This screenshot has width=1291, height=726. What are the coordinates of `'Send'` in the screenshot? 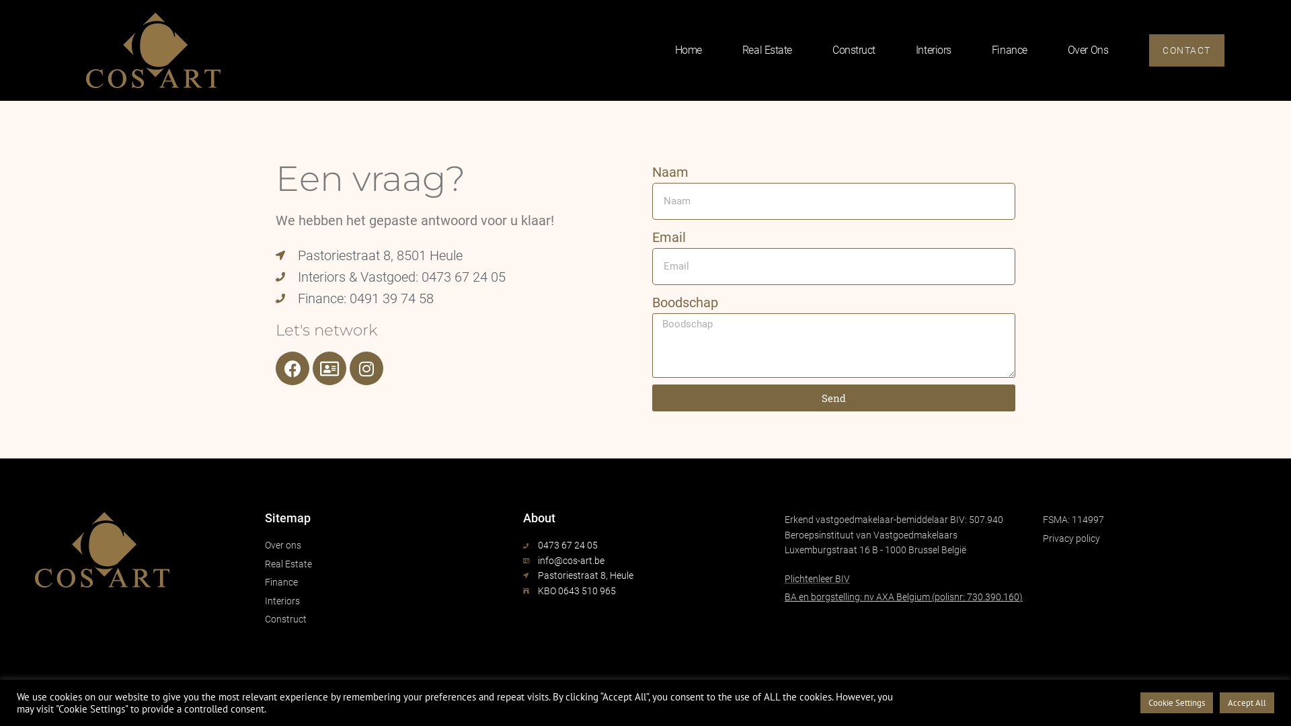 It's located at (832, 397).